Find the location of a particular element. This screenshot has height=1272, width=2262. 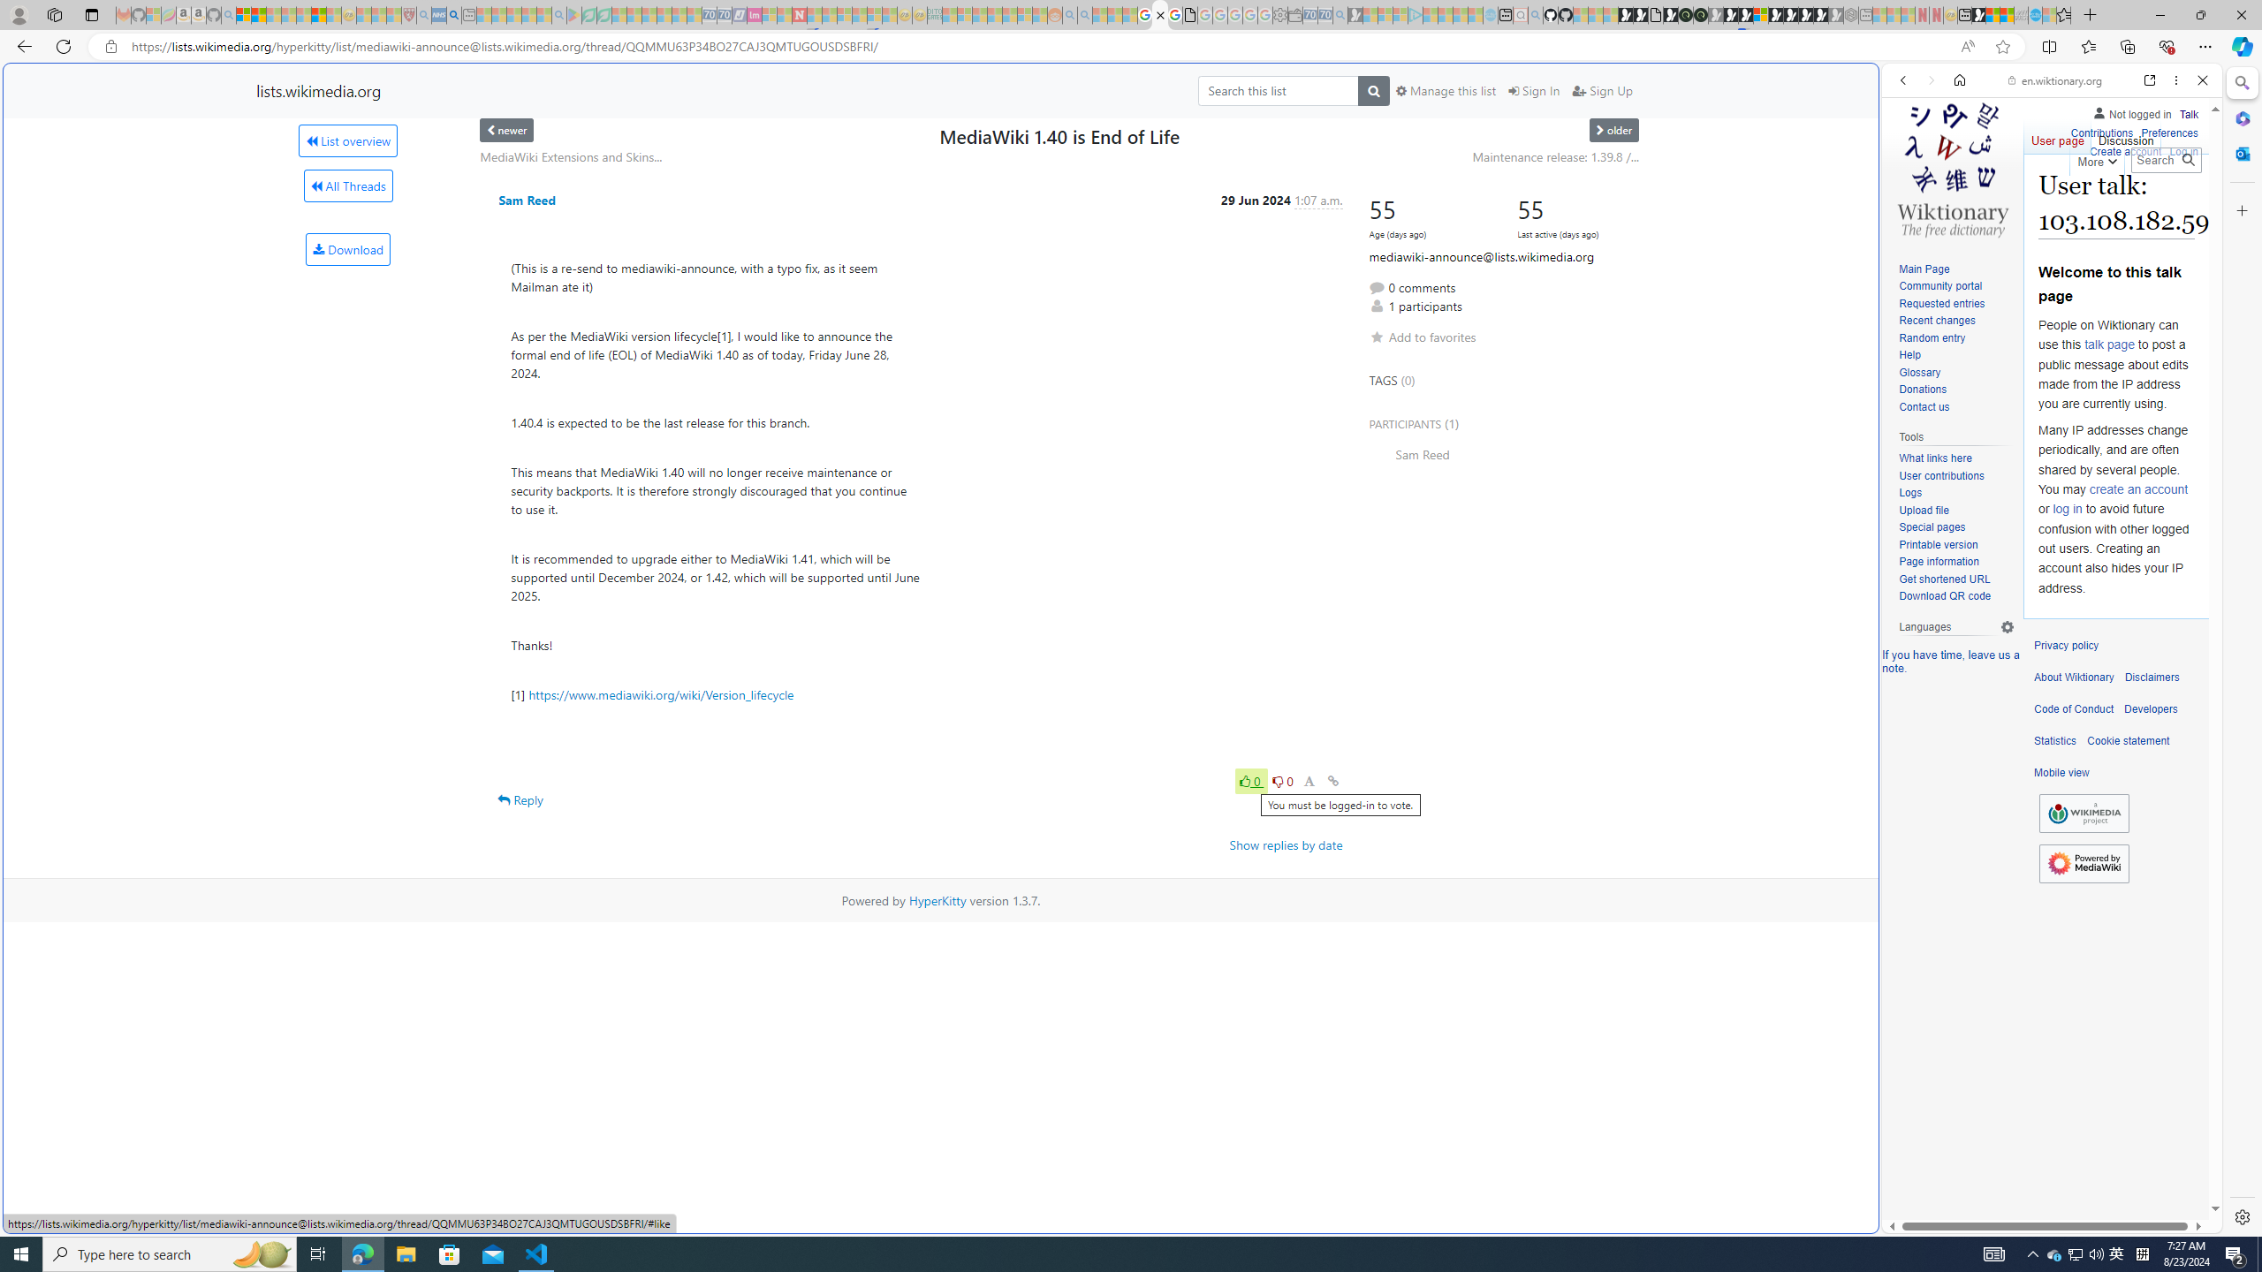

'Disclaimers' is located at coordinates (2151, 677).